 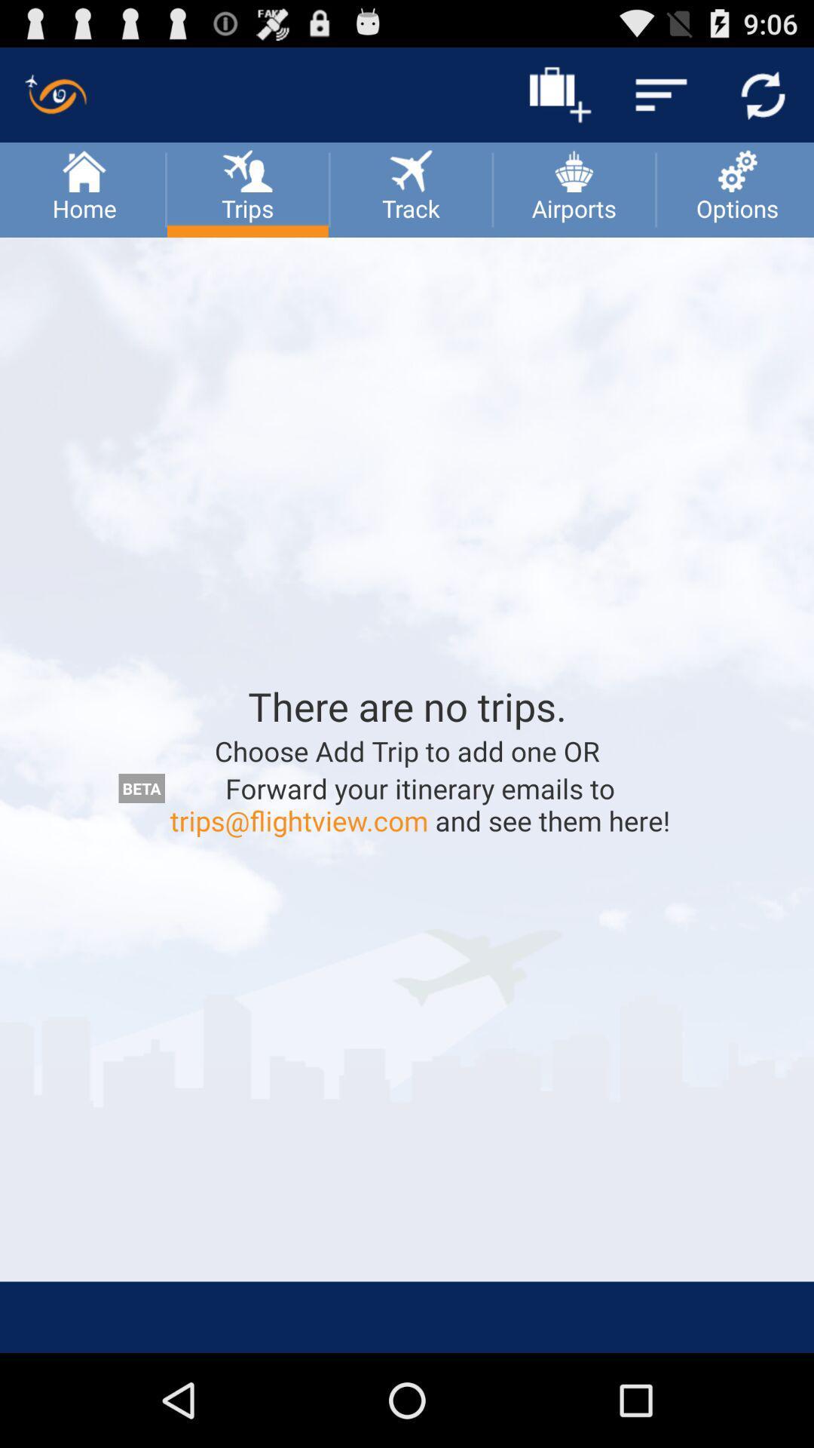 What do you see at coordinates (559, 94) in the screenshot?
I see `the option which is on the top and above airports` at bounding box center [559, 94].